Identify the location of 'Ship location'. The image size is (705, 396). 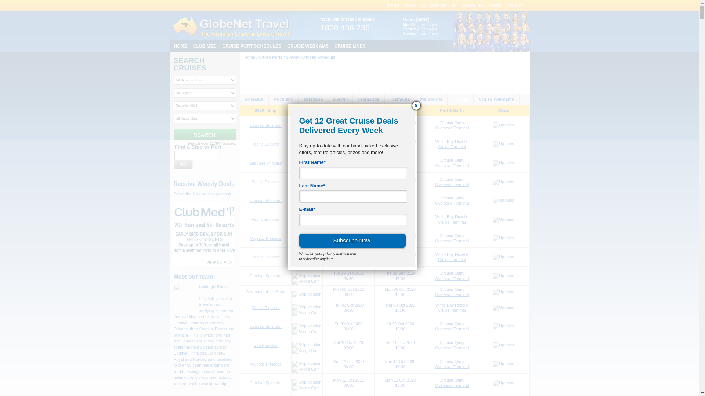
(292, 307).